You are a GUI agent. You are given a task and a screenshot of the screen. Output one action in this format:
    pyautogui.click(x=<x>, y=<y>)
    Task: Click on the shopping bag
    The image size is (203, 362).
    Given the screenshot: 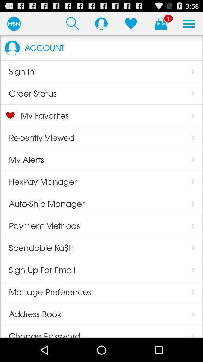 What is the action you would take?
    pyautogui.click(x=160, y=23)
    